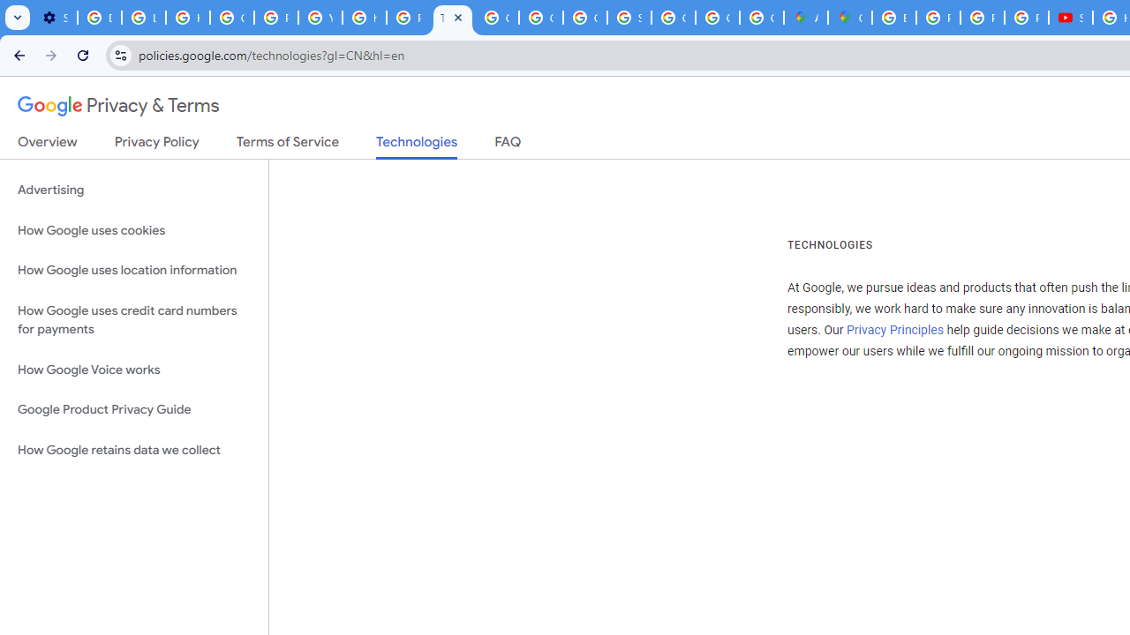  What do you see at coordinates (55, 18) in the screenshot?
I see `'Settings - Customize profile'` at bounding box center [55, 18].